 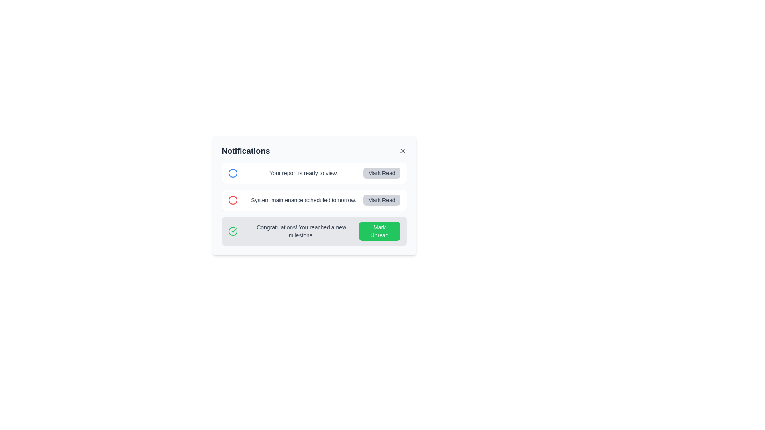 I want to click on the bold, large-text header displaying 'Notifications' located at the top-left corner of the notification panel, so click(x=245, y=150).